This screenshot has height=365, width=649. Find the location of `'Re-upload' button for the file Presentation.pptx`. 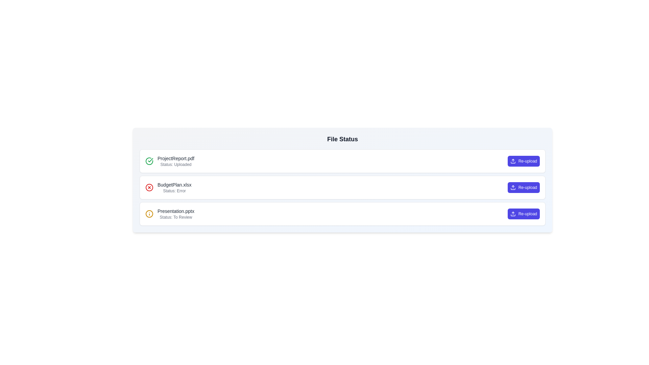

'Re-upload' button for the file Presentation.pptx is located at coordinates (523, 214).